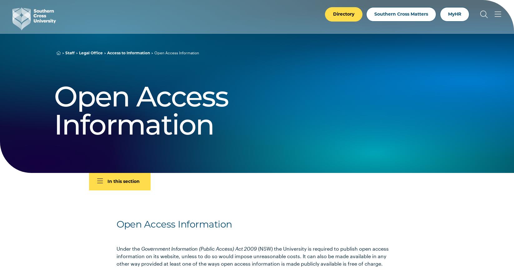 This screenshot has height=275, width=514. What do you see at coordinates (107, 181) in the screenshot?
I see `'In this section'` at bounding box center [107, 181].